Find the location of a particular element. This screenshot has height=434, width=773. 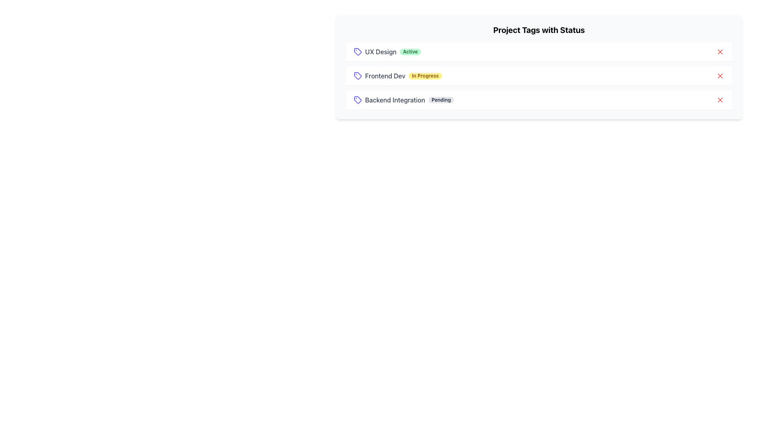

the 'Frontend Dev' task status card, which features a yellow 'In Progress' badge and a red 'Remove' button is located at coordinates (539, 76).